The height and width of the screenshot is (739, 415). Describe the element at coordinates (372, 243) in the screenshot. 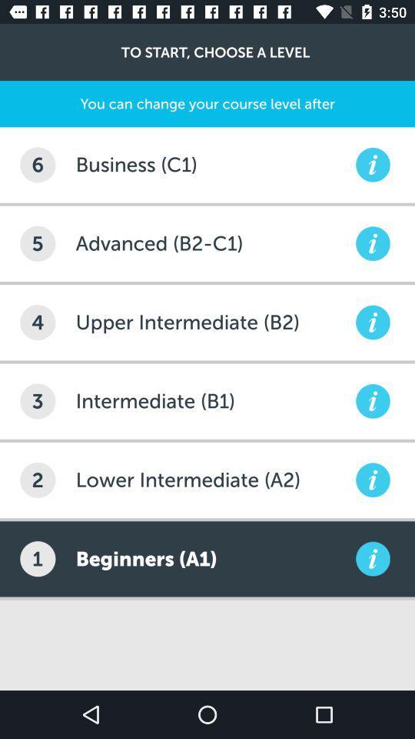

I see `help option` at that location.